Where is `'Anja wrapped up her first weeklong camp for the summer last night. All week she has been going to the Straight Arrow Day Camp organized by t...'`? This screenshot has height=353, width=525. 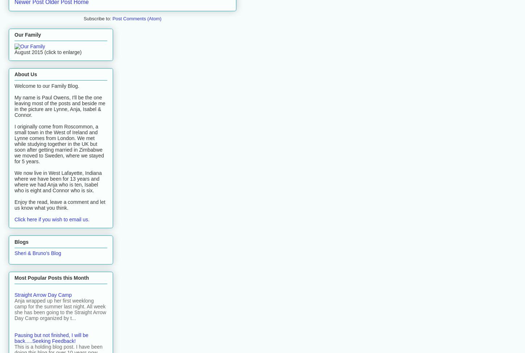 'Anja wrapped up her first weeklong camp for the summer last night. All week she has been going to the Straight Arrow Day Camp organized by t...' is located at coordinates (59, 309).